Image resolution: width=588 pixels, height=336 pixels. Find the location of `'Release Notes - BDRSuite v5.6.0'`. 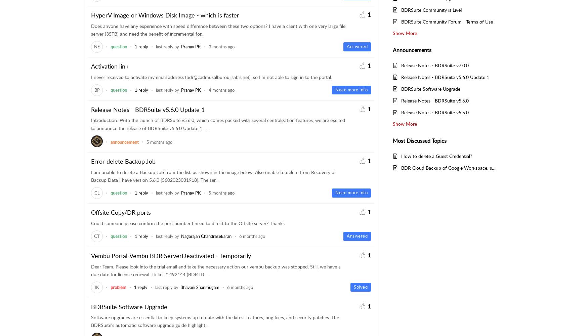

'Release Notes - BDRSuite v5.6.0' is located at coordinates (434, 100).